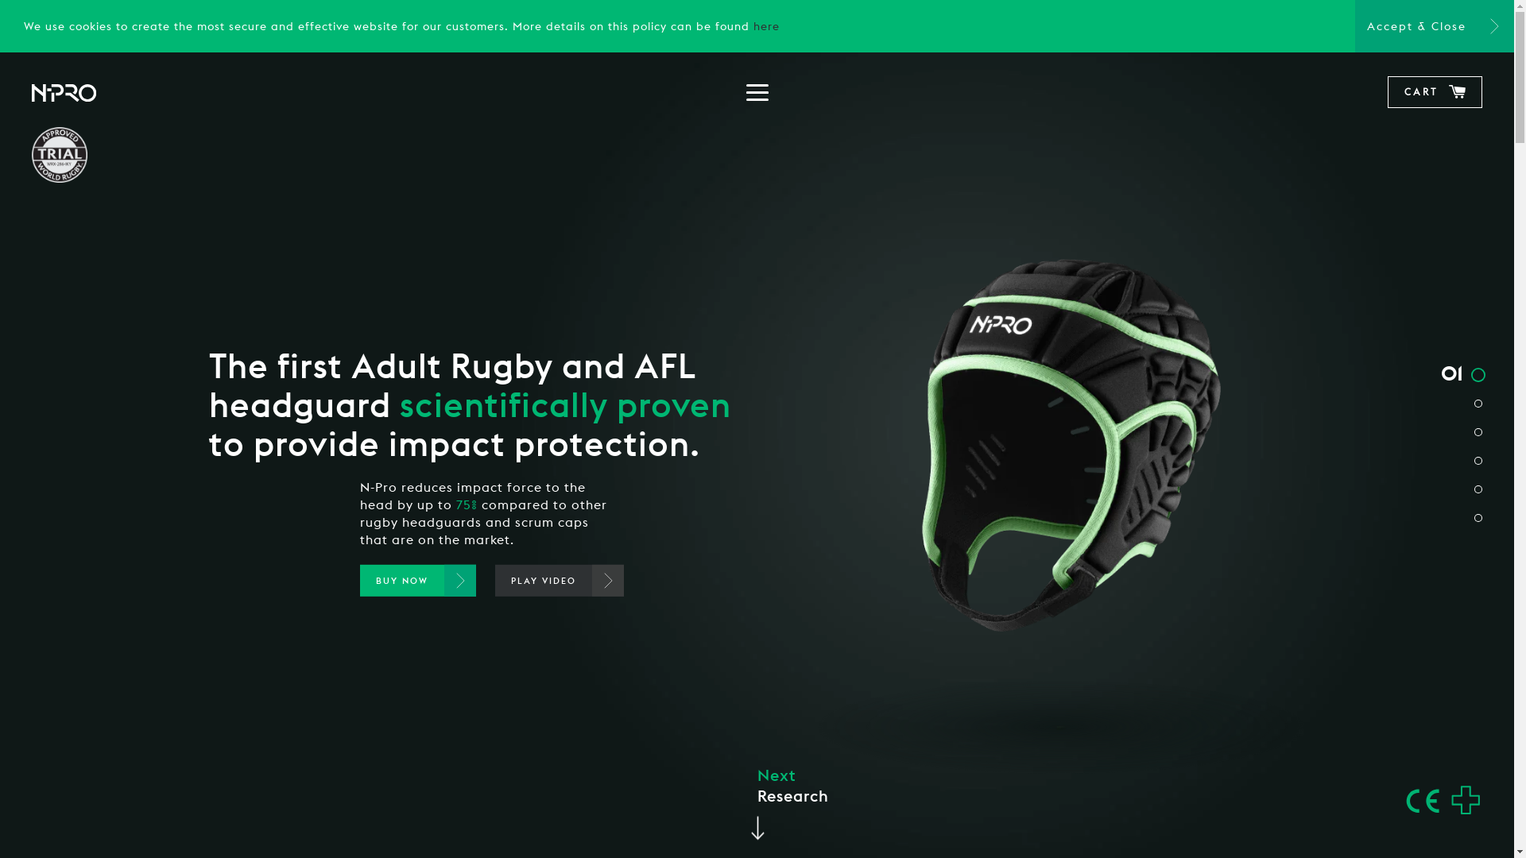 The width and height of the screenshot is (1526, 858). I want to click on 'Accept & Close', so click(1434, 26).